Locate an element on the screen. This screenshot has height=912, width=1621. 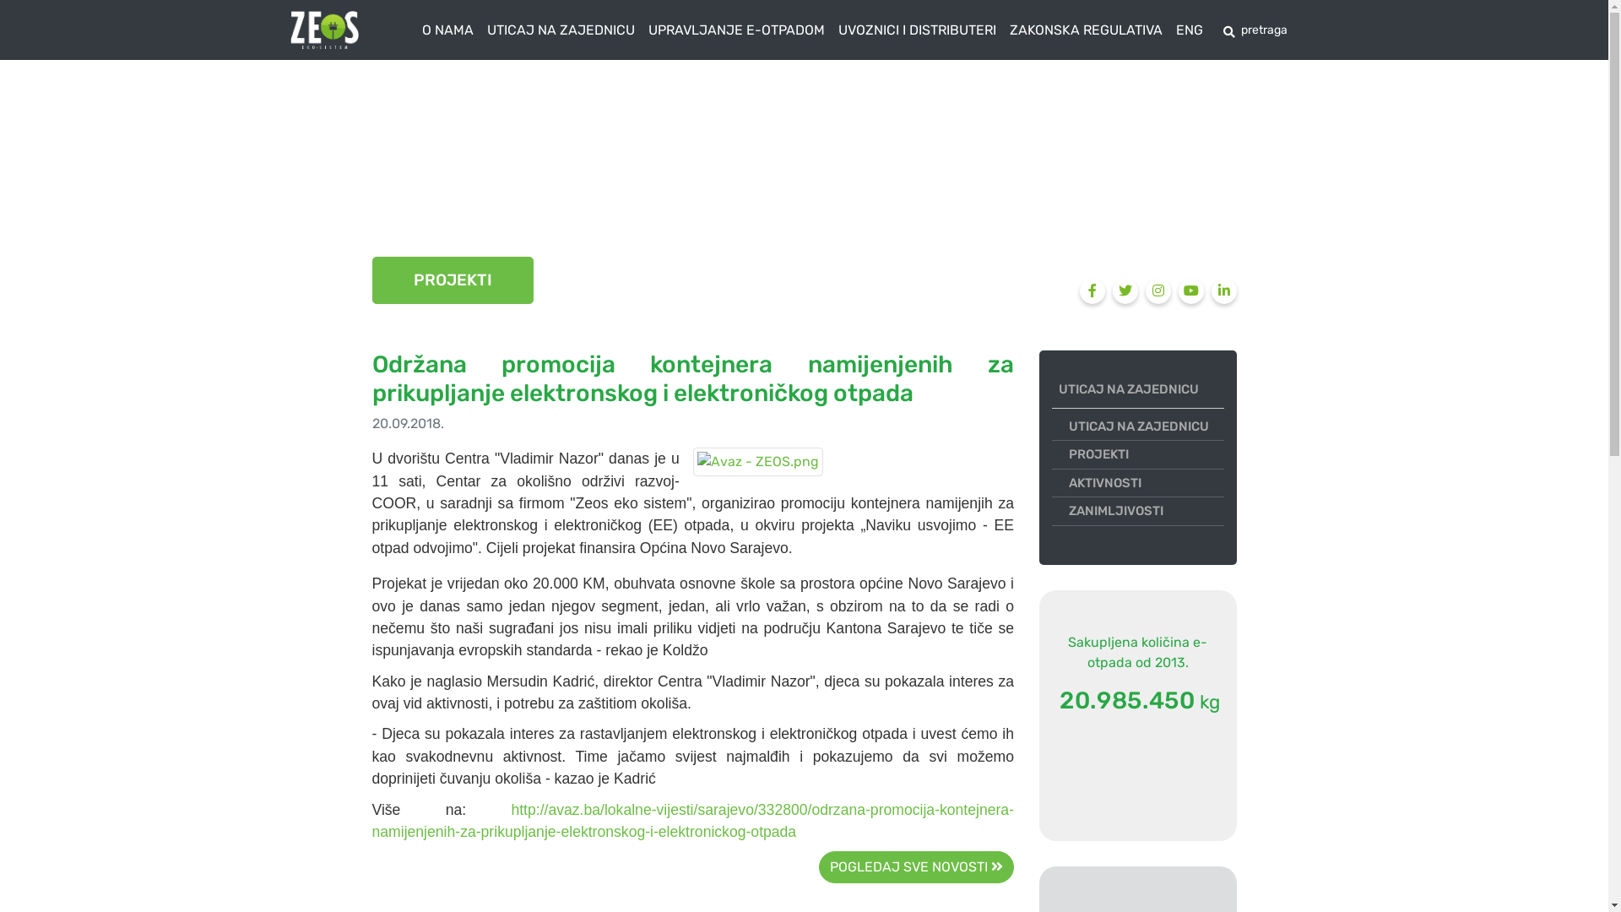
'UTICAJ NA ZAJEDNICU' is located at coordinates (1141, 389).